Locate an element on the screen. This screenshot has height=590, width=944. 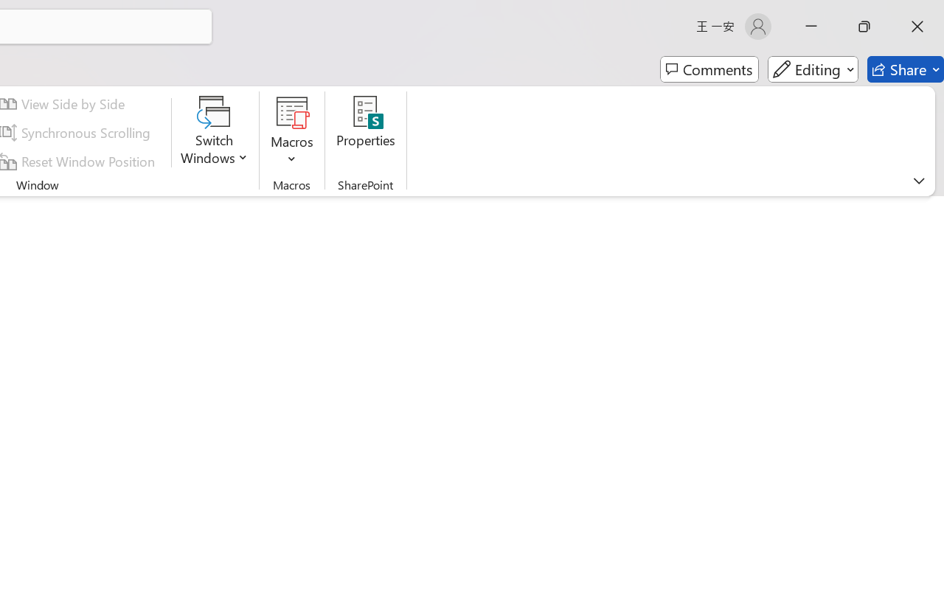
'Properties' is located at coordinates (366, 132).